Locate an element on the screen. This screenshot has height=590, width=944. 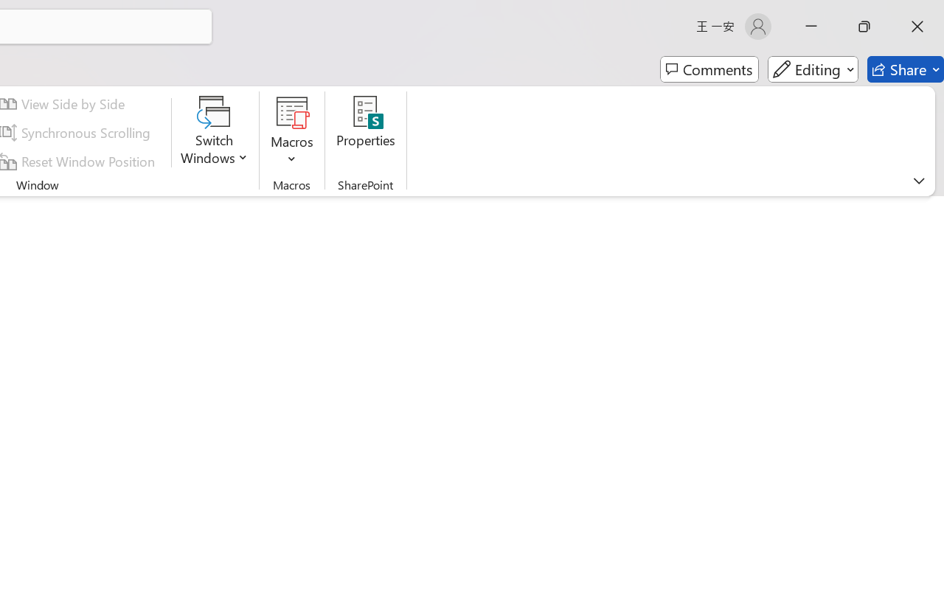
'Properties' is located at coordinates (366, 132).